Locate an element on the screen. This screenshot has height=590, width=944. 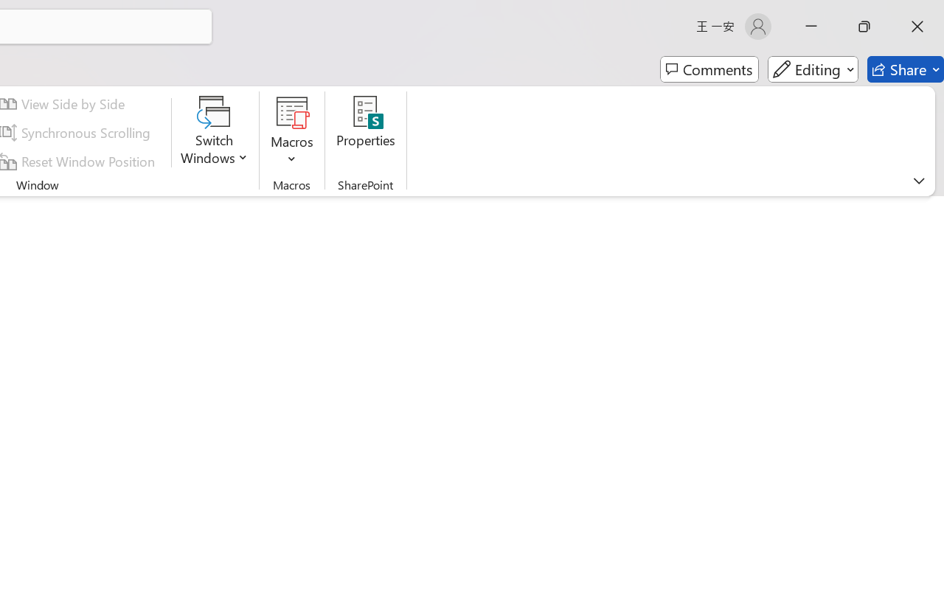
'Properties' is located at coordinates (366, 132).